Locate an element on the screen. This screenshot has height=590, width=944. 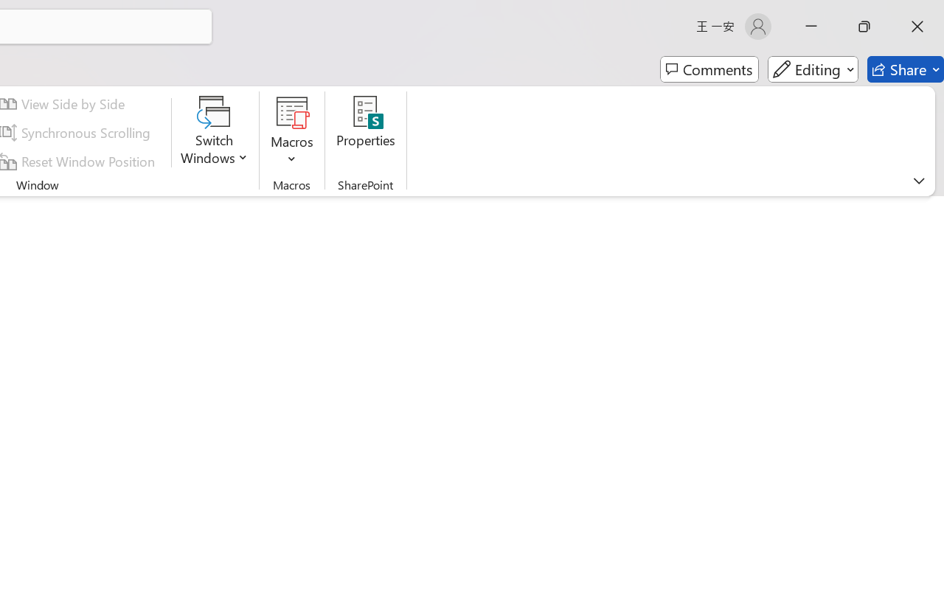
'Properties' is located at coordinates (366, 132).